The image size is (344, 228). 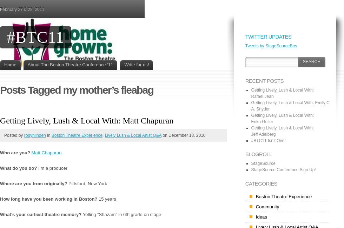 I want to click on 'Tweets by StageSourceBos', so click(x=271, y=45).